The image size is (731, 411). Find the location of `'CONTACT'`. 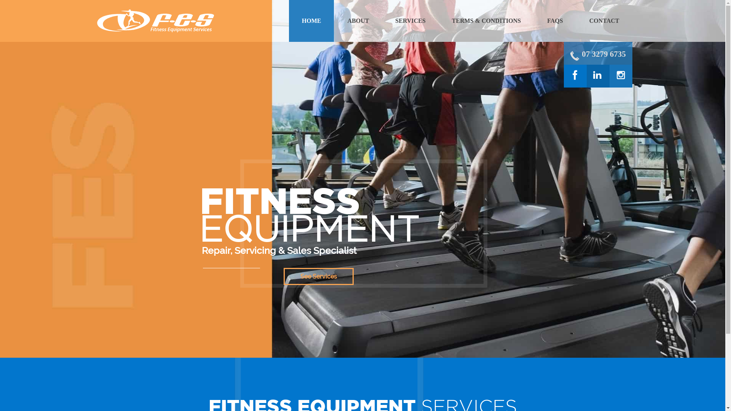

'CONTACT' is located at coordinates (576, 20).